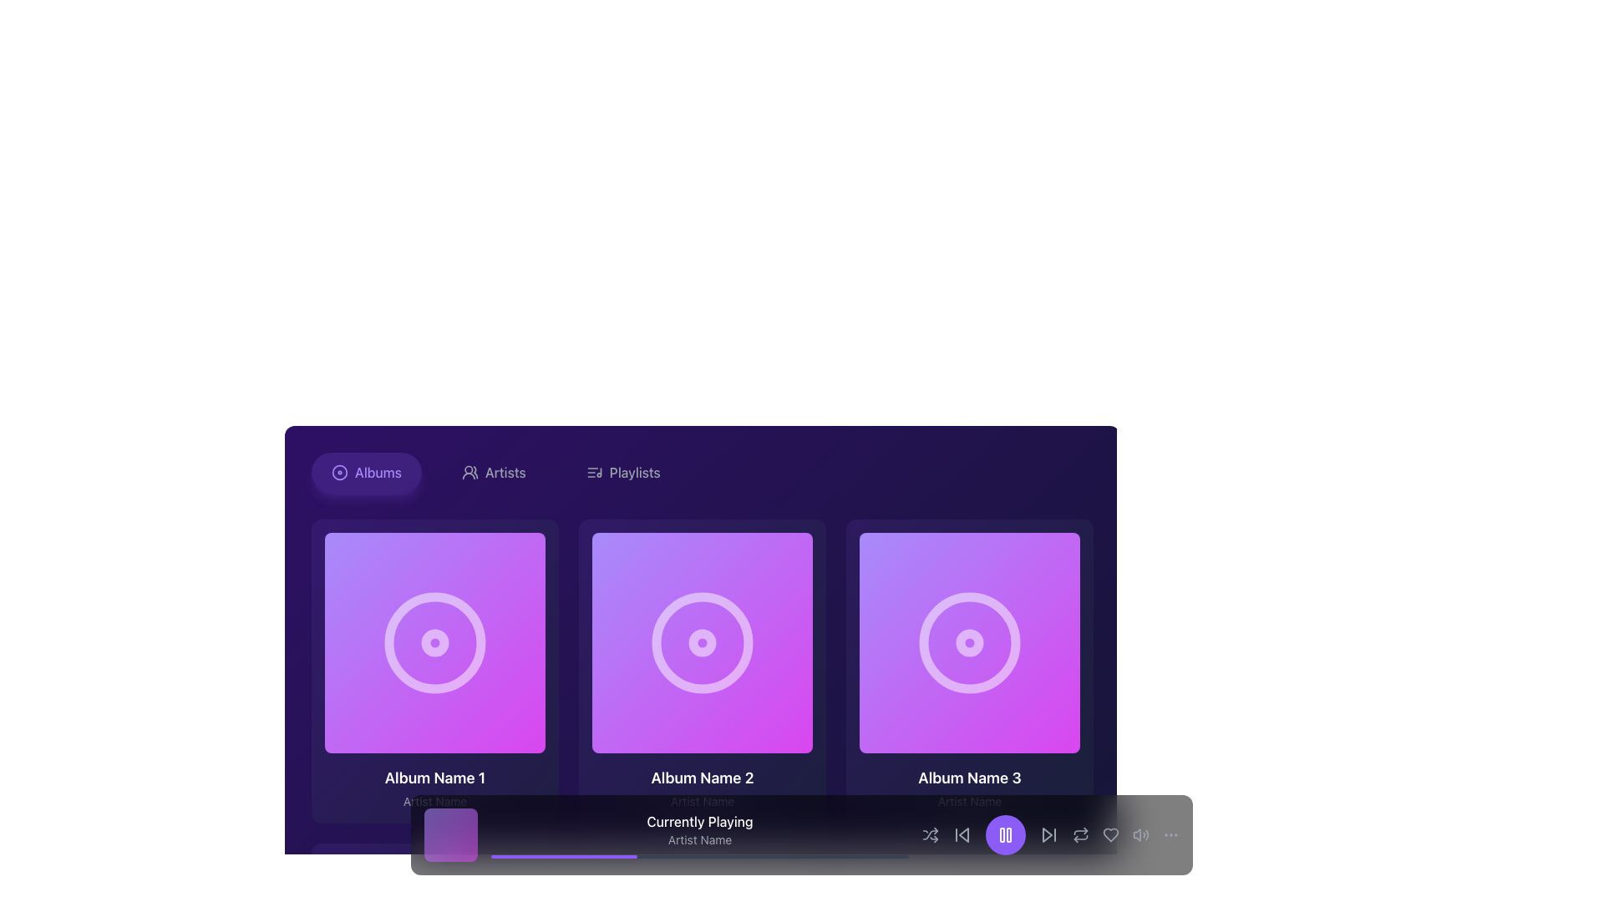 This screenshot has height=902, width=1604. I want to click on the 'Back' button icon located in the bottom center control panel of the UI, specifically to the left of the large purple play/pause button, so click(962, 834).